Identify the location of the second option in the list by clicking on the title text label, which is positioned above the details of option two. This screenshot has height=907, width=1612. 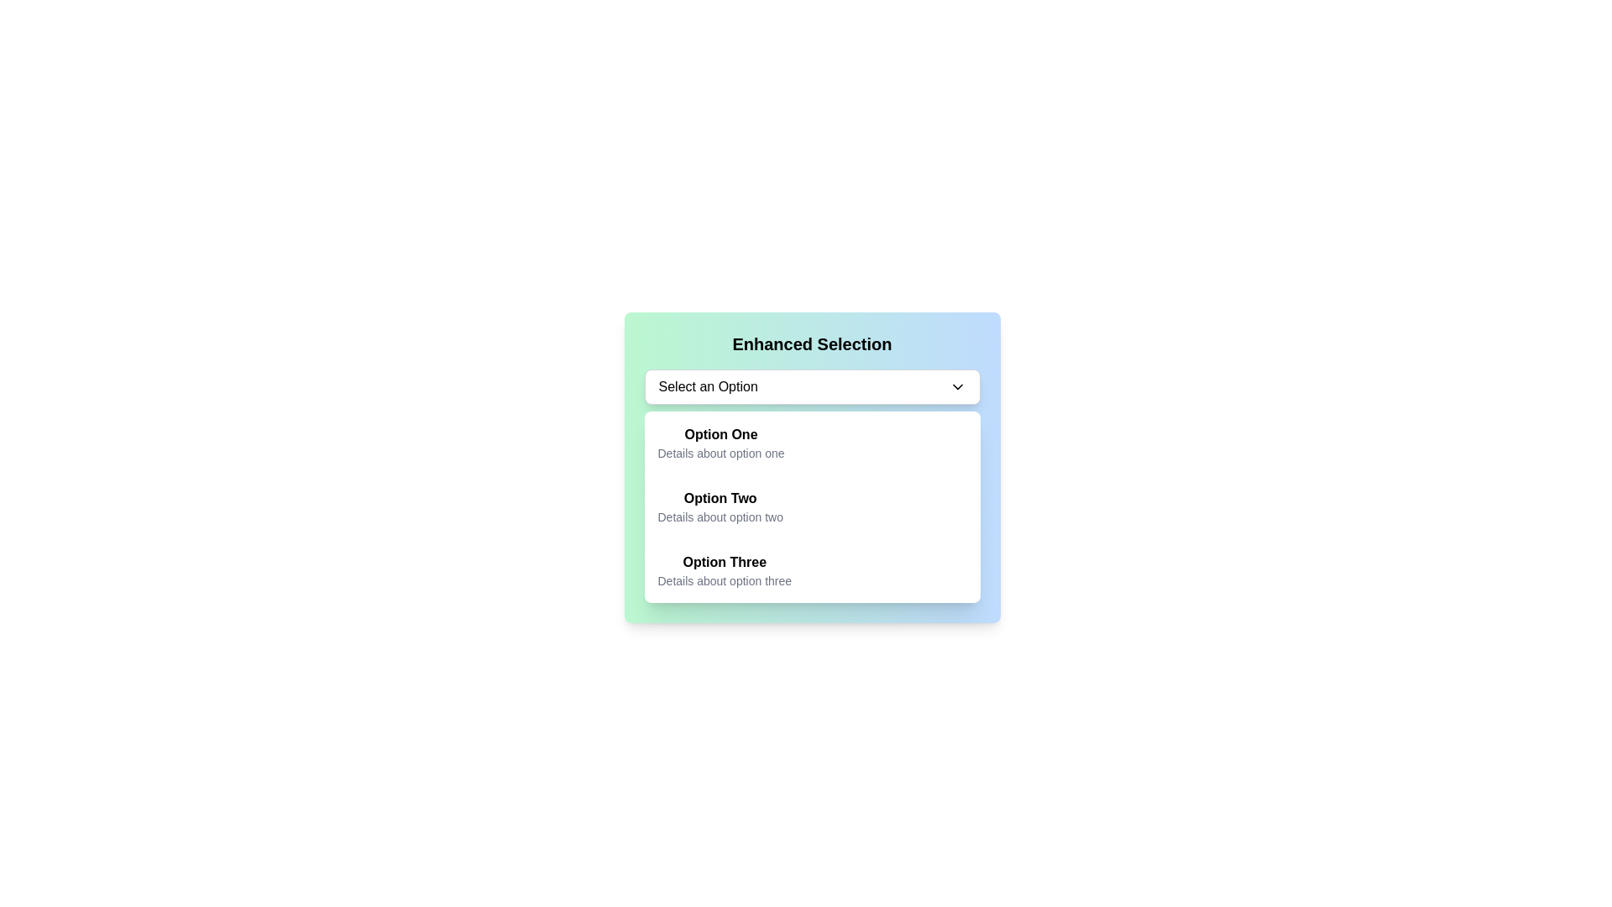
(720, 498).